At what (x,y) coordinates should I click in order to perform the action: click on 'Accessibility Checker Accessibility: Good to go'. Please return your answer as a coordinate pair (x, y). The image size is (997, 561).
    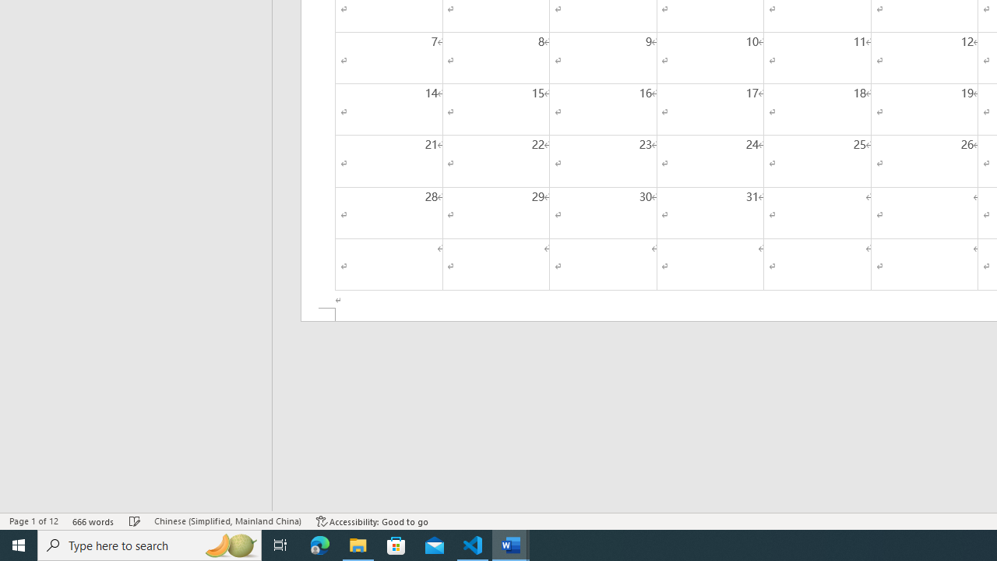
    Looking at the image, I should click on (372, 521).